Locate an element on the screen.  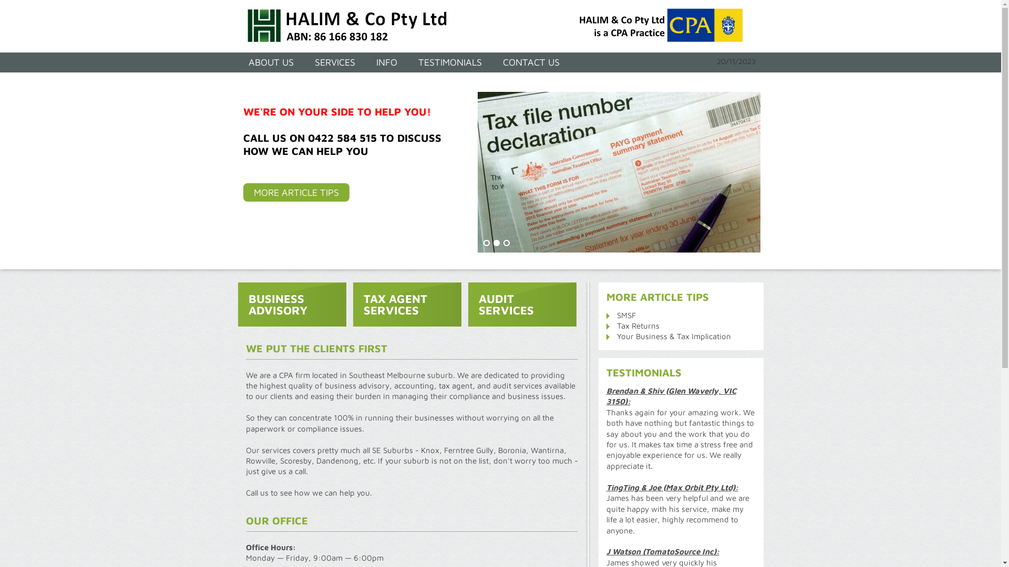
'TAX AGENT SERVICES' is located at coordinates (406, 304).